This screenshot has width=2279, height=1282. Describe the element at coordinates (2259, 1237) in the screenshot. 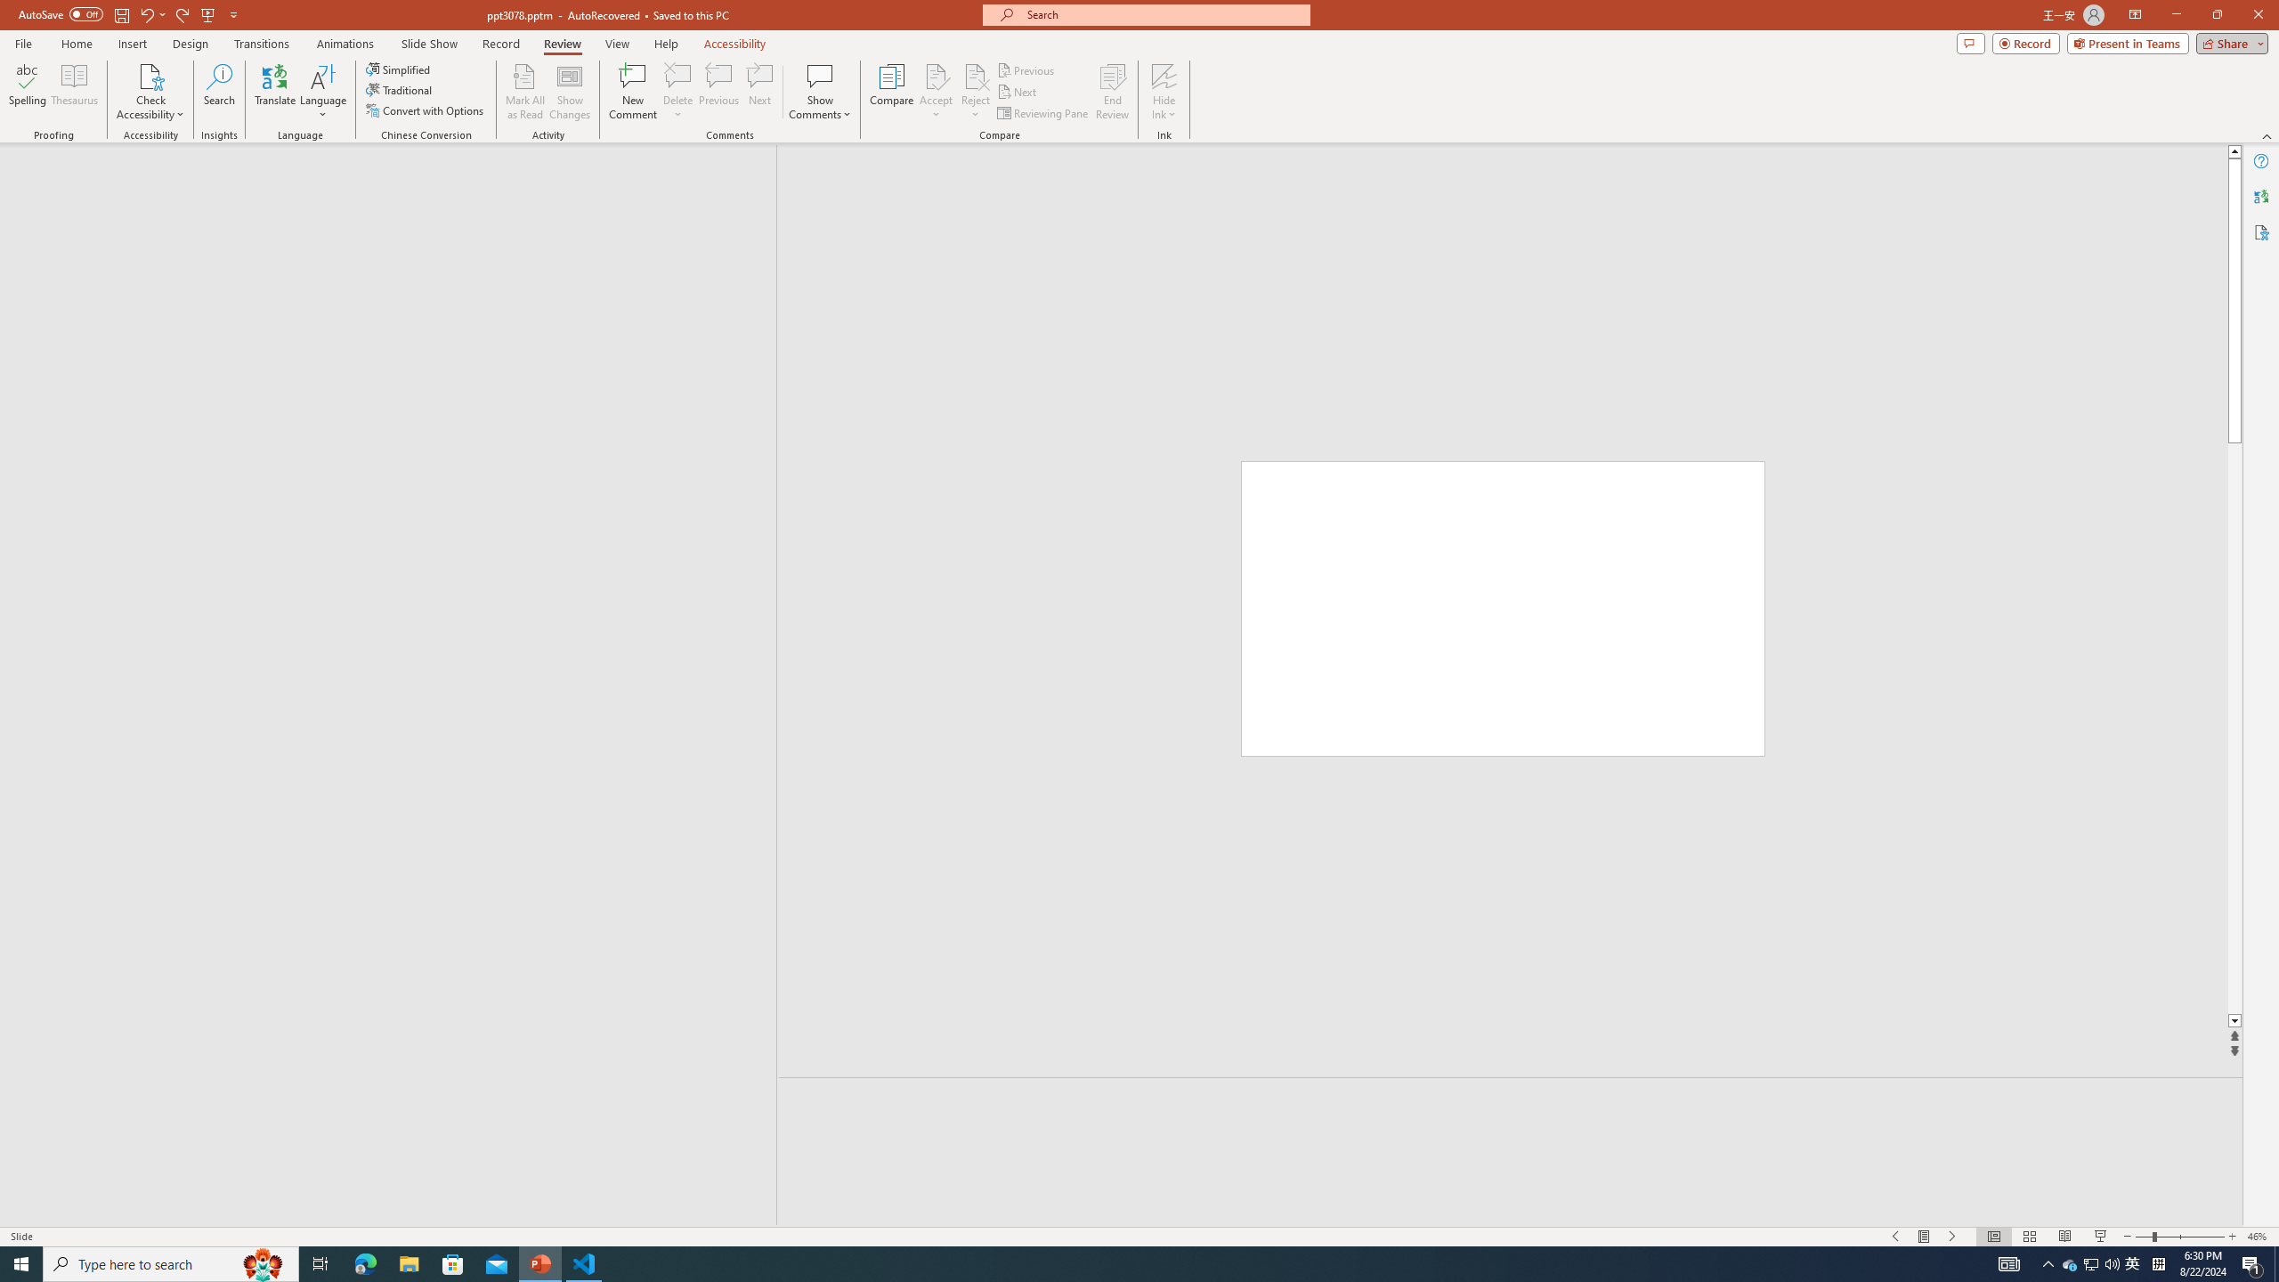

I see `'Zoom 46%'` at that location.